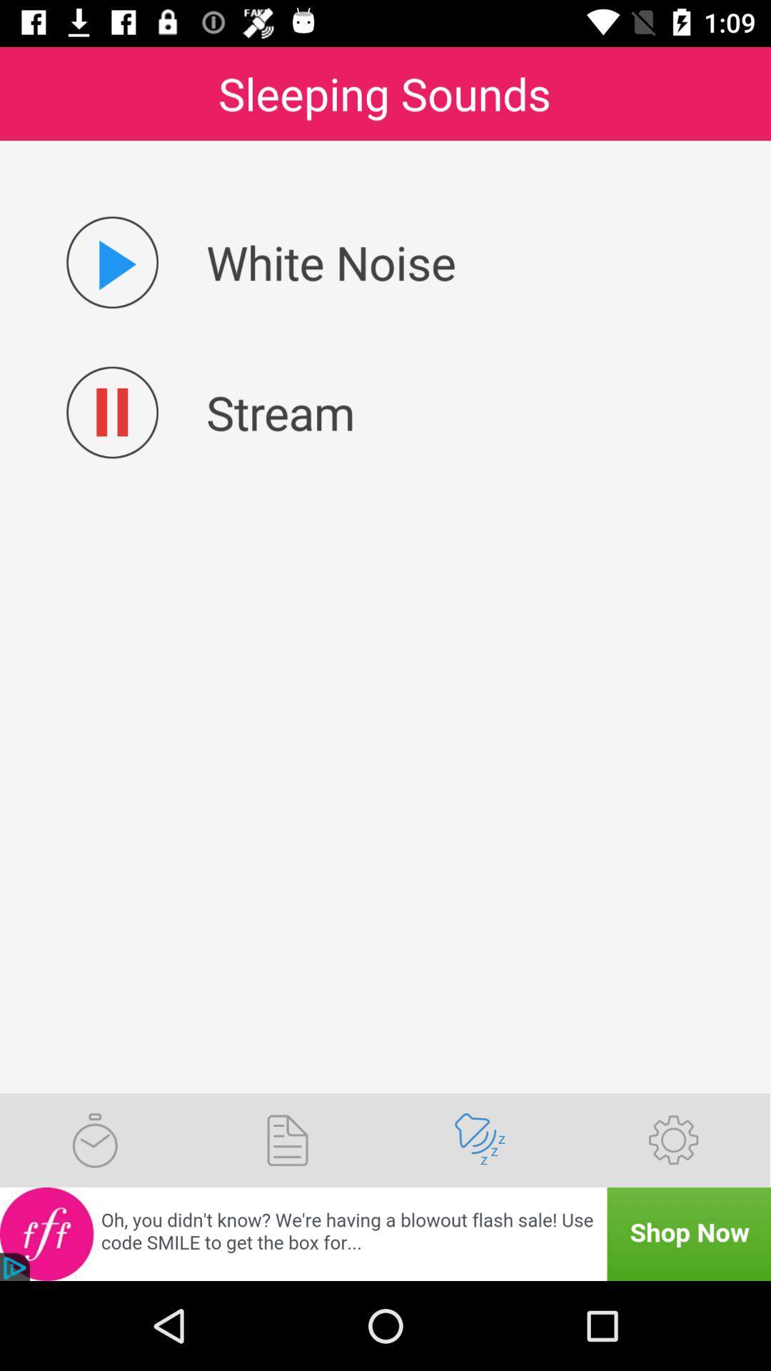 Image resolution: width=771 pixels, height=1371 pixels. I want to click on shop now, so click(385, 1233).